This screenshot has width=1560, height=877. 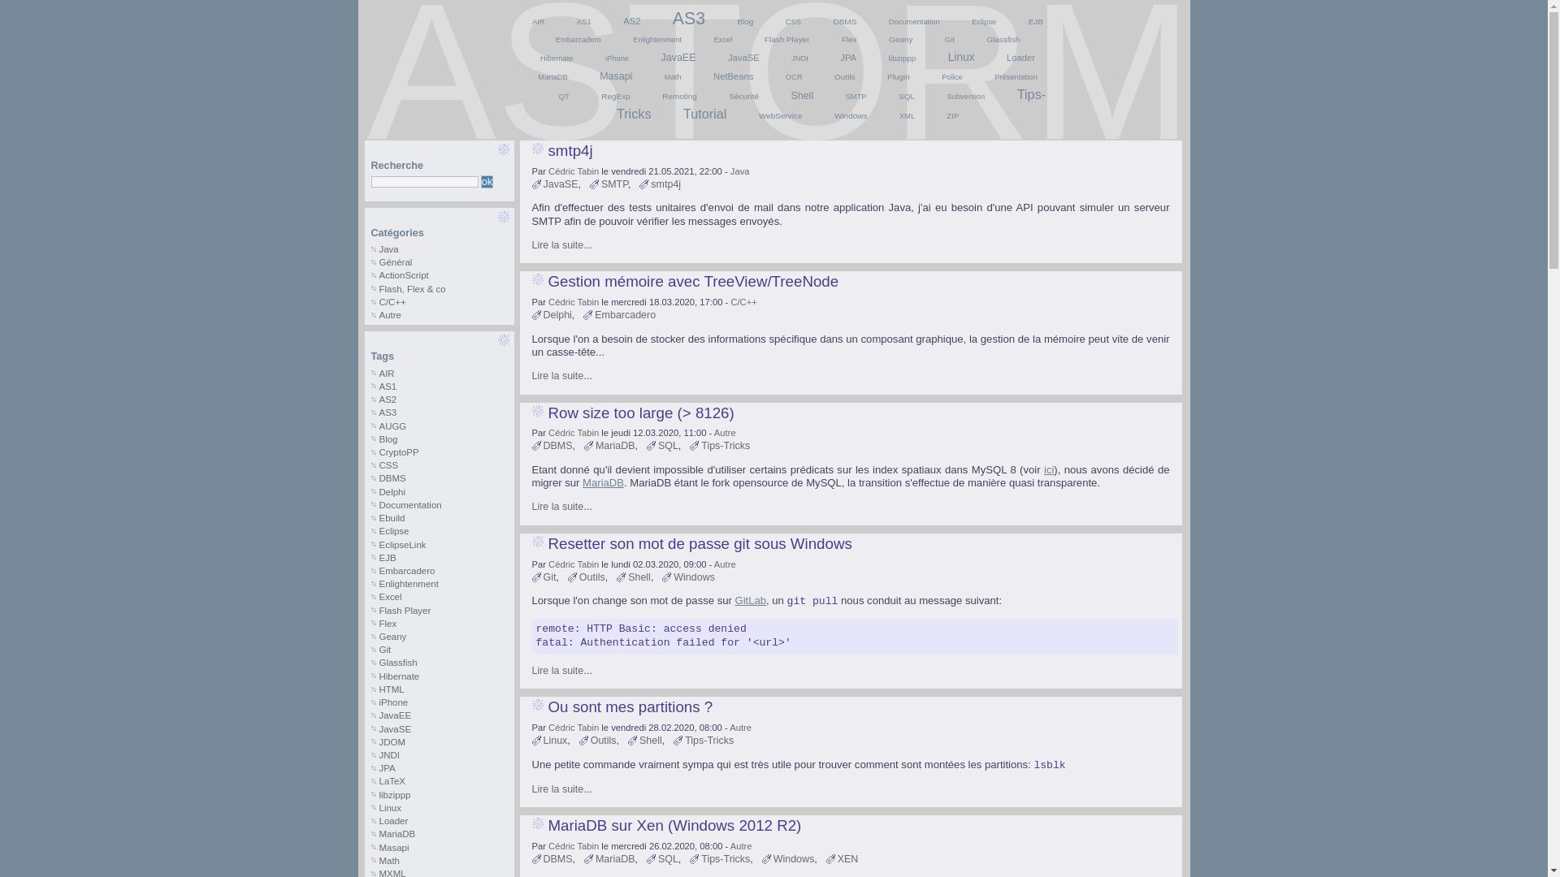 What do you see at coordinates (794, 858) in the screenshot?
I see `'Windows'` at bounding box center [794, 858].